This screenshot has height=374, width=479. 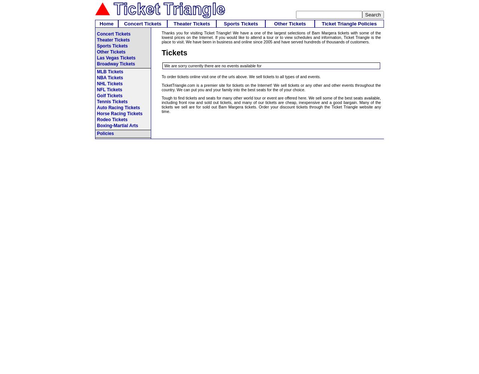 I want to click on 'Broadway Tickets', so click(x=115, y=64).